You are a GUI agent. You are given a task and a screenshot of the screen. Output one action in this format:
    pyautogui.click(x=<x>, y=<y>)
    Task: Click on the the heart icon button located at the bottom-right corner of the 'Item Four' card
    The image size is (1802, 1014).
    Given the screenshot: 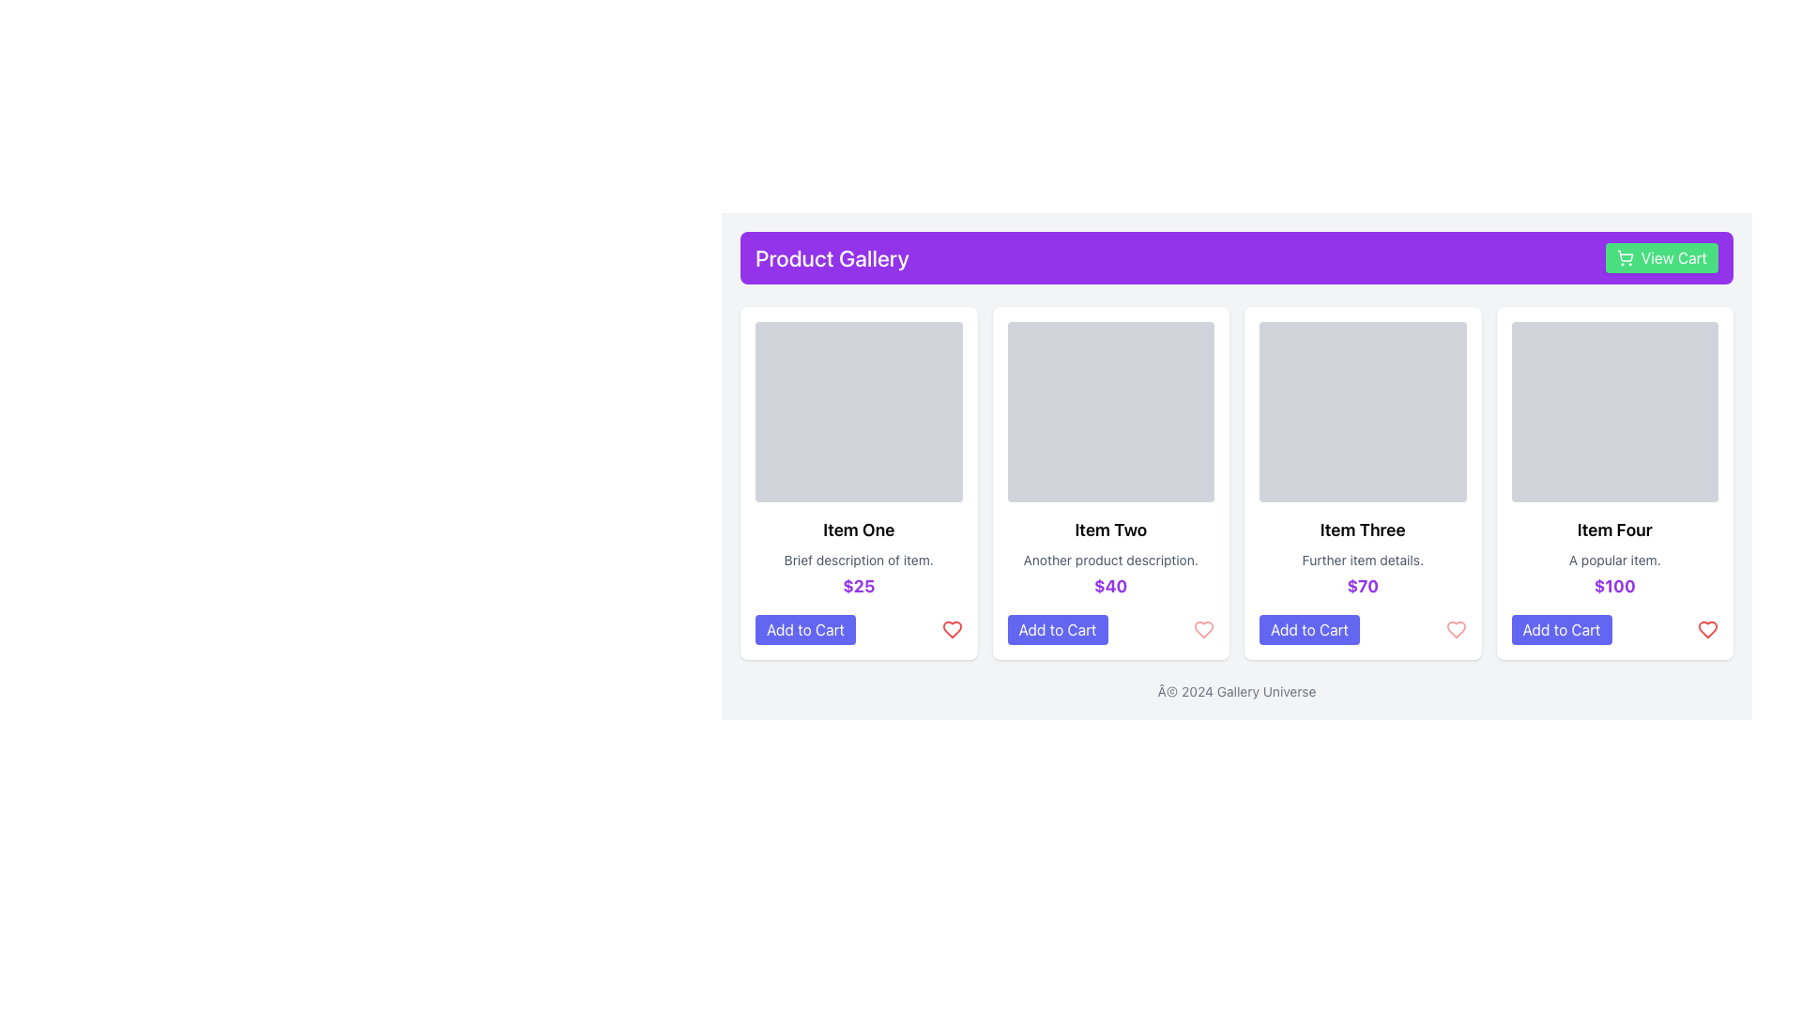 What is the action you would take?
    pyautogui.click(x=1707, y=630)
    